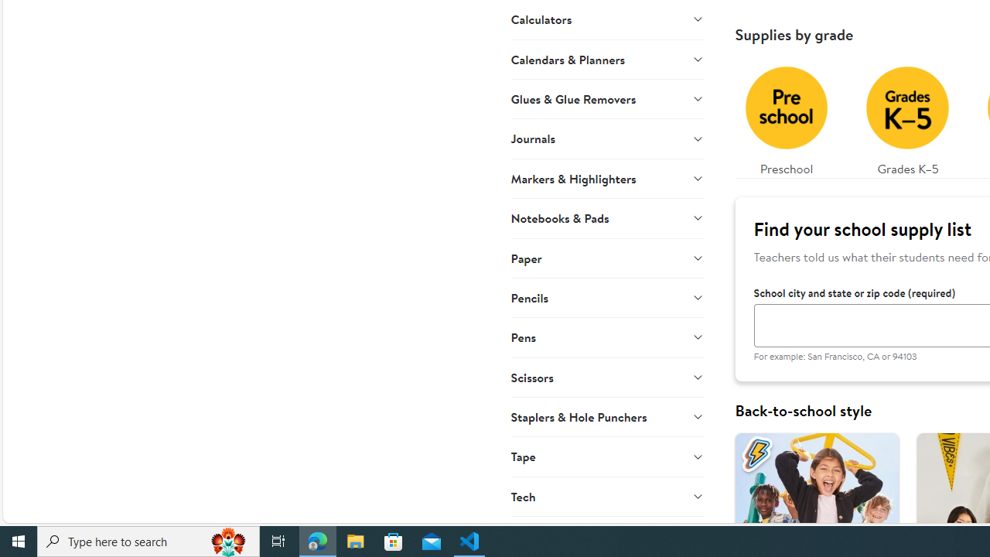 The width and height of the screenshot is (990, 557). I want to click on 'Staplers & Hole Punchers', so click(606, 415).